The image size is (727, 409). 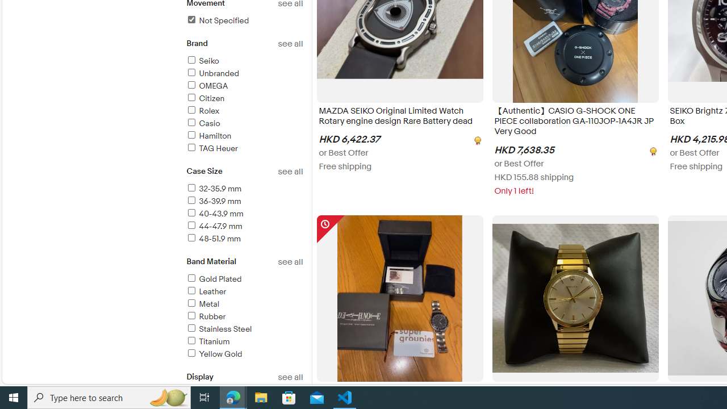 I want to click on 'Casio', so click(x=244, y=124).